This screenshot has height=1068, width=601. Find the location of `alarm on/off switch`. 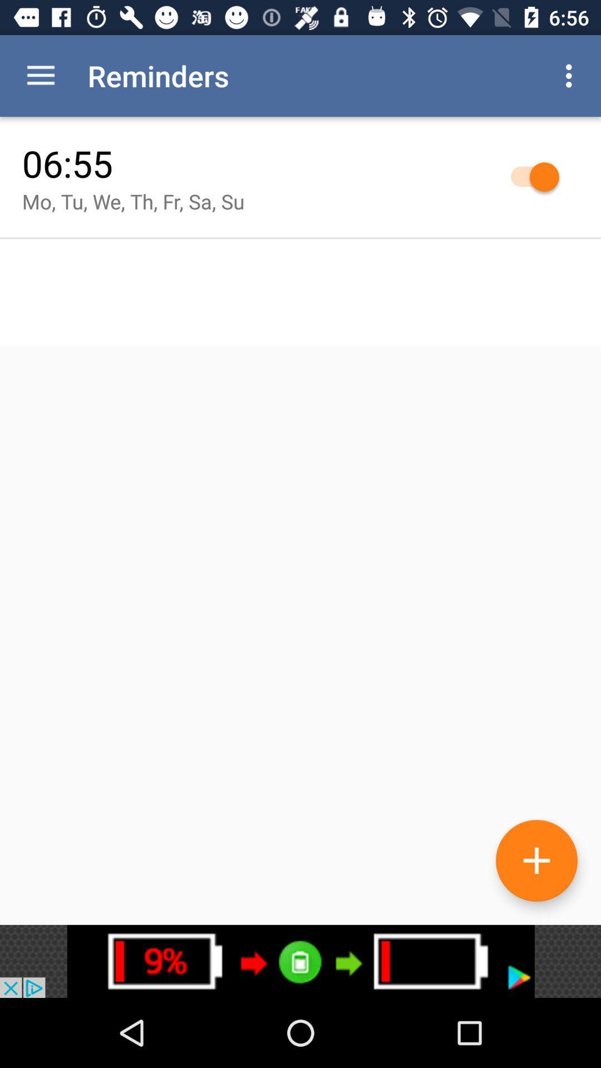

alarm on/off switch is located at coordinates (529, 176).